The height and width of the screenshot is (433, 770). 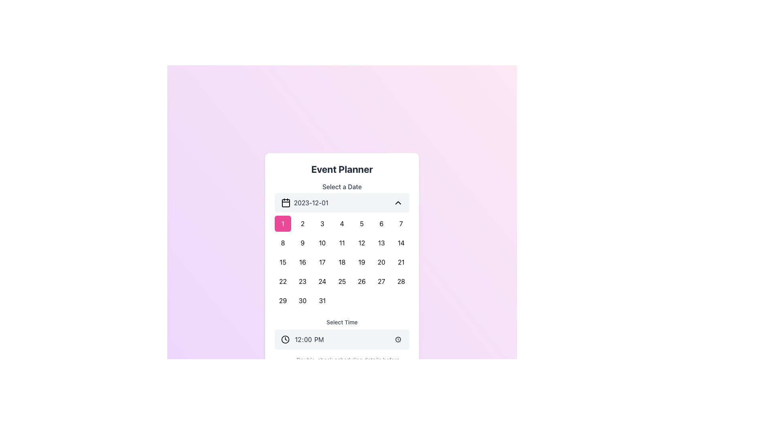 I want to click on the Chevron Up Icon, so click(x=398, y=202).